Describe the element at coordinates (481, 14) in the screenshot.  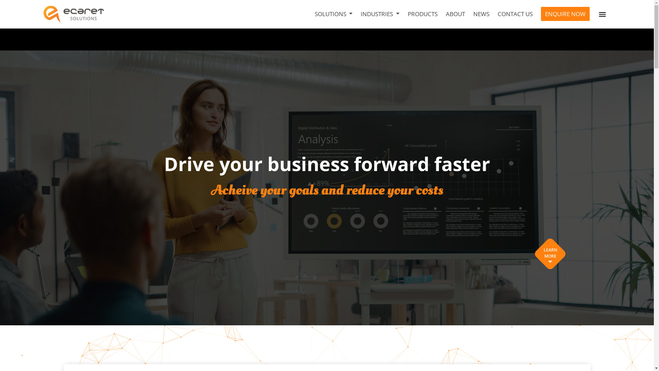
I see `'NEWS'` at that location.